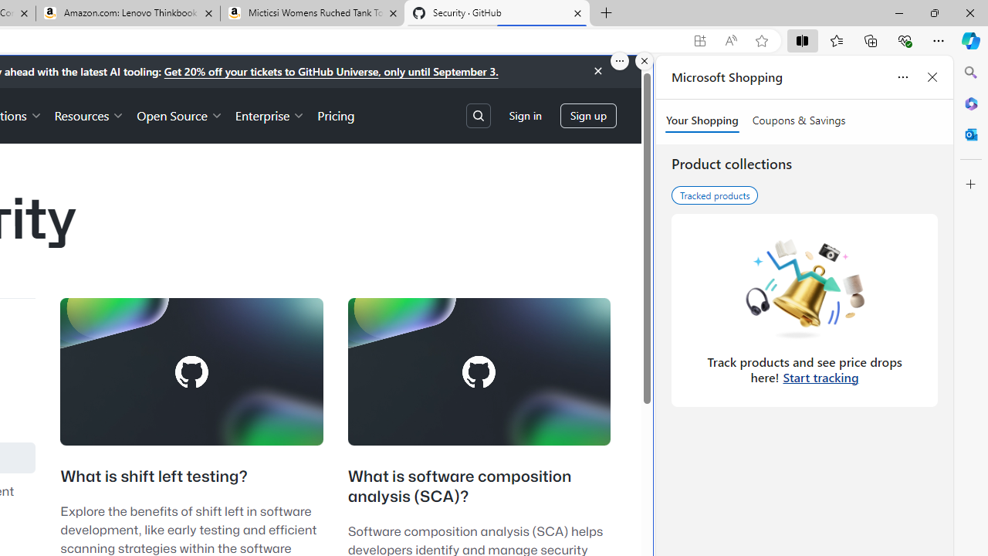 This screenshot has width=988, height=556. What do you see at coordinates (699, 40) in the screenshot?
I see `'App available. Install '` at bounding box center [699, 40].